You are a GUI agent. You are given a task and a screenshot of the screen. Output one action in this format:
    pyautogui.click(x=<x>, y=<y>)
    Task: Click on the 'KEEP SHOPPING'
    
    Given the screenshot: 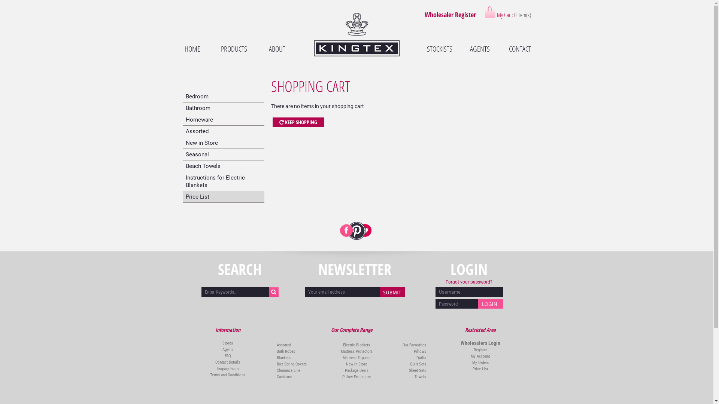 What is the action you would take?
    pyautogui.click(x=298, y=122)
    